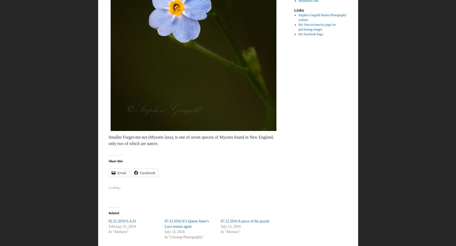  What do you see at coordinates (115, 187) in the screenshot?
I see `'Loading...'` at bounding box center [115, 187].